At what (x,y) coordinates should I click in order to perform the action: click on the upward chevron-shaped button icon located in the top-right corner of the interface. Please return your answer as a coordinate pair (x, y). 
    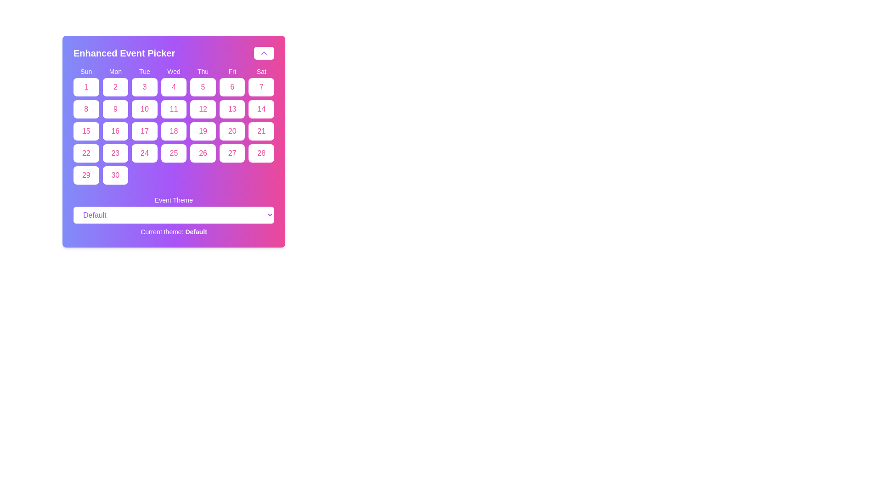
    Looking at the image, I should click on (264, 53).